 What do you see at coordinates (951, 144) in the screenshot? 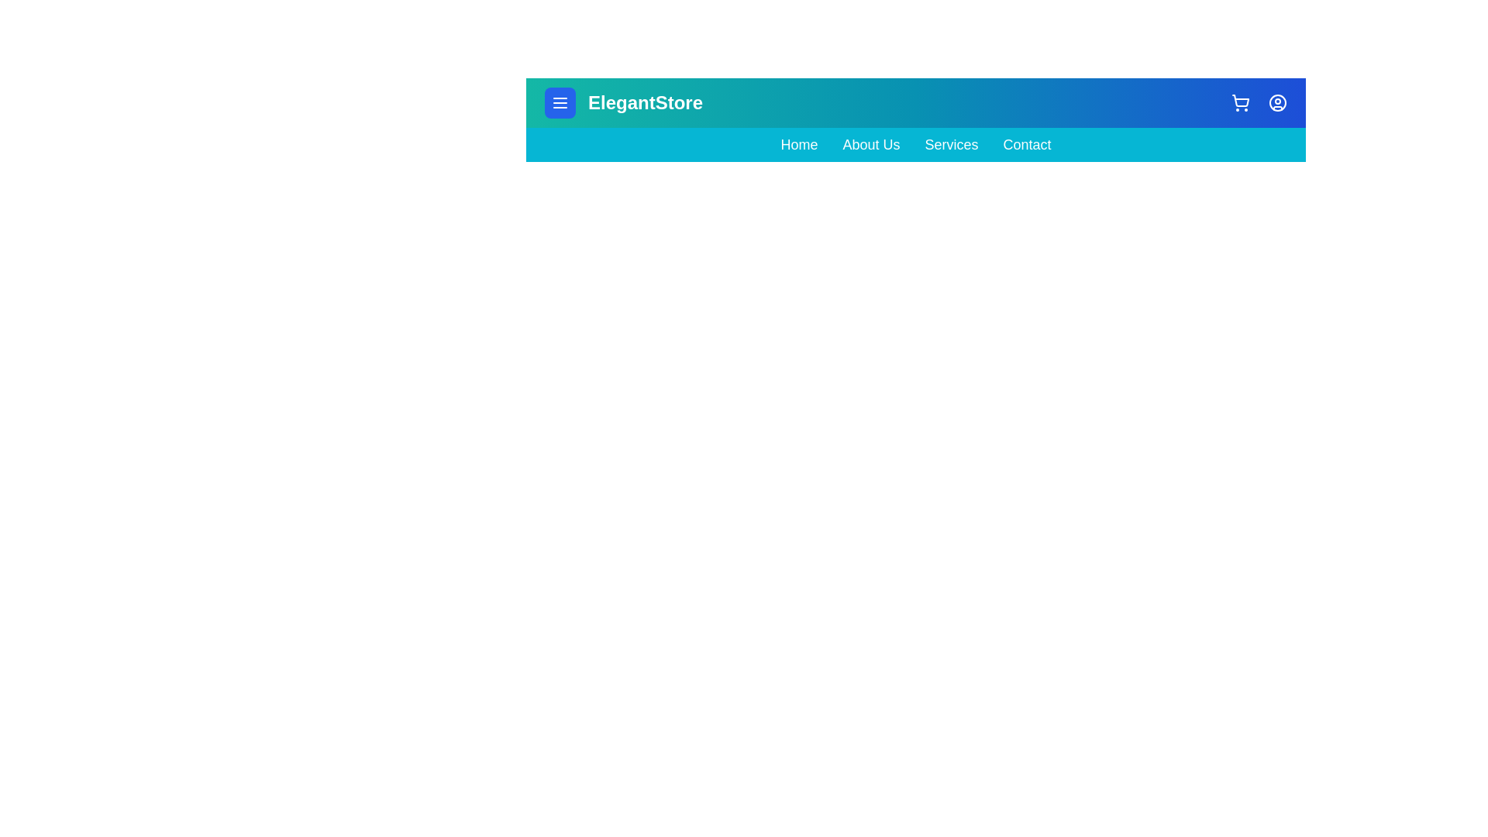
I see `the navigation link Services` at bounding box center [951, 144].